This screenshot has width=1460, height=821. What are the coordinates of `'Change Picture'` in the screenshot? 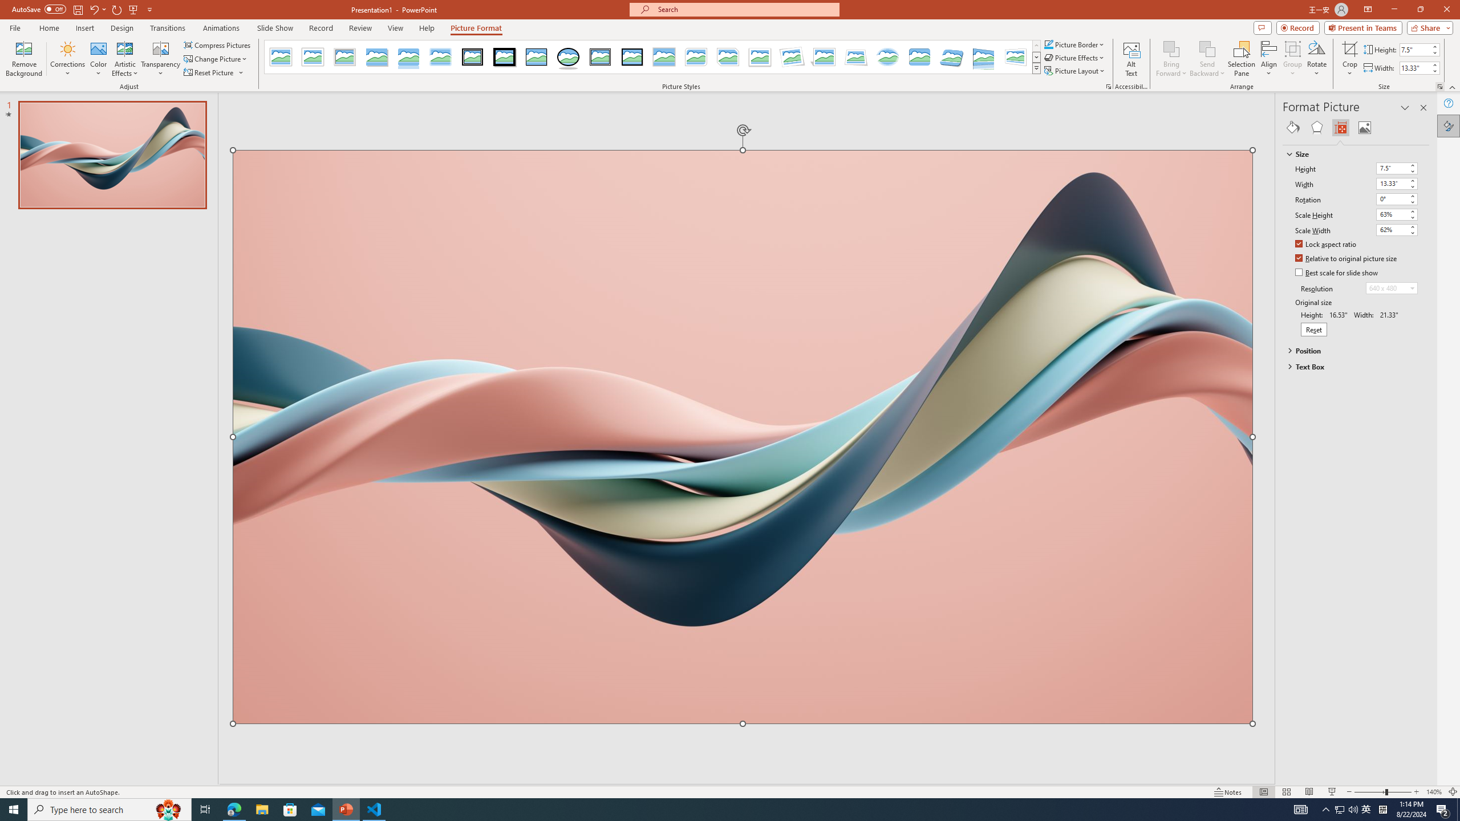 It's located at (216, 59).